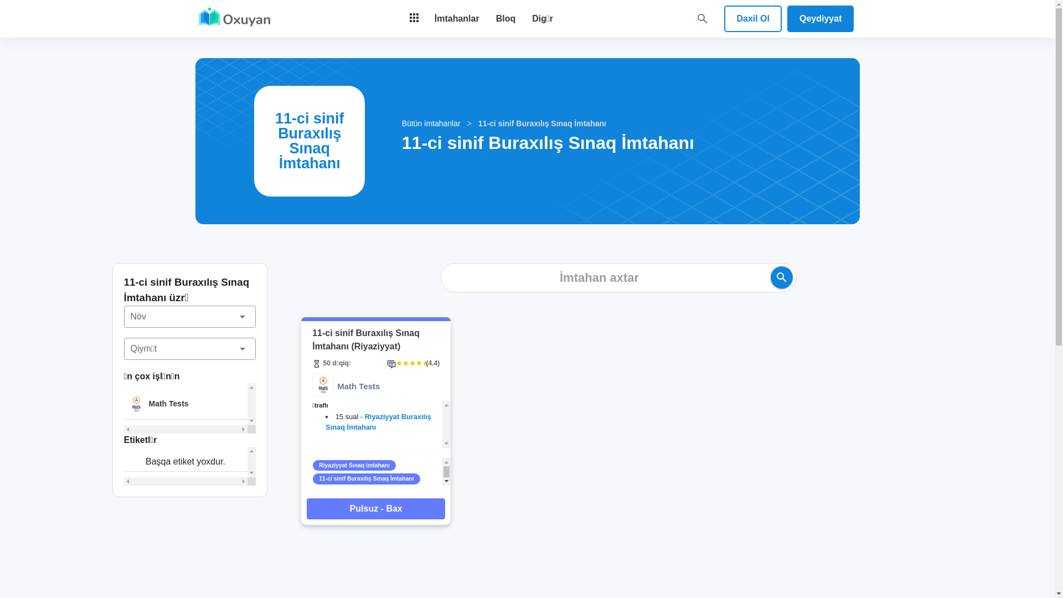  Describe the element at coordinates (505, 19) in the screenshot. I see `'Bloq'` at that location.